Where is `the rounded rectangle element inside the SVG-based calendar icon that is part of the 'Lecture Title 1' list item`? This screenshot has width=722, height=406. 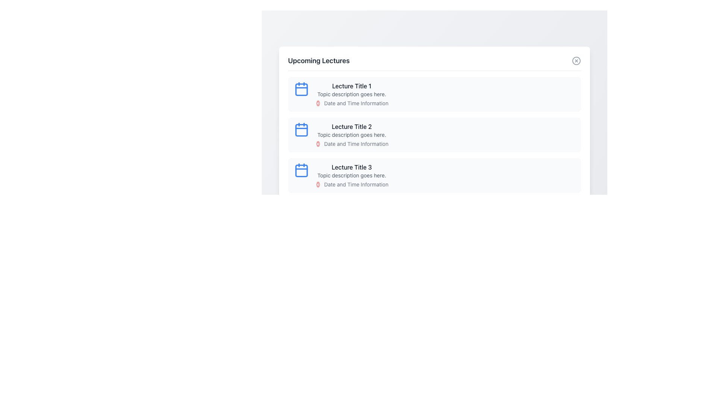 the rounded rectangle element inside the SVG-based calendar icon that is part of the 'Lecture Title 1' list item is located at coordinates (301, 89).